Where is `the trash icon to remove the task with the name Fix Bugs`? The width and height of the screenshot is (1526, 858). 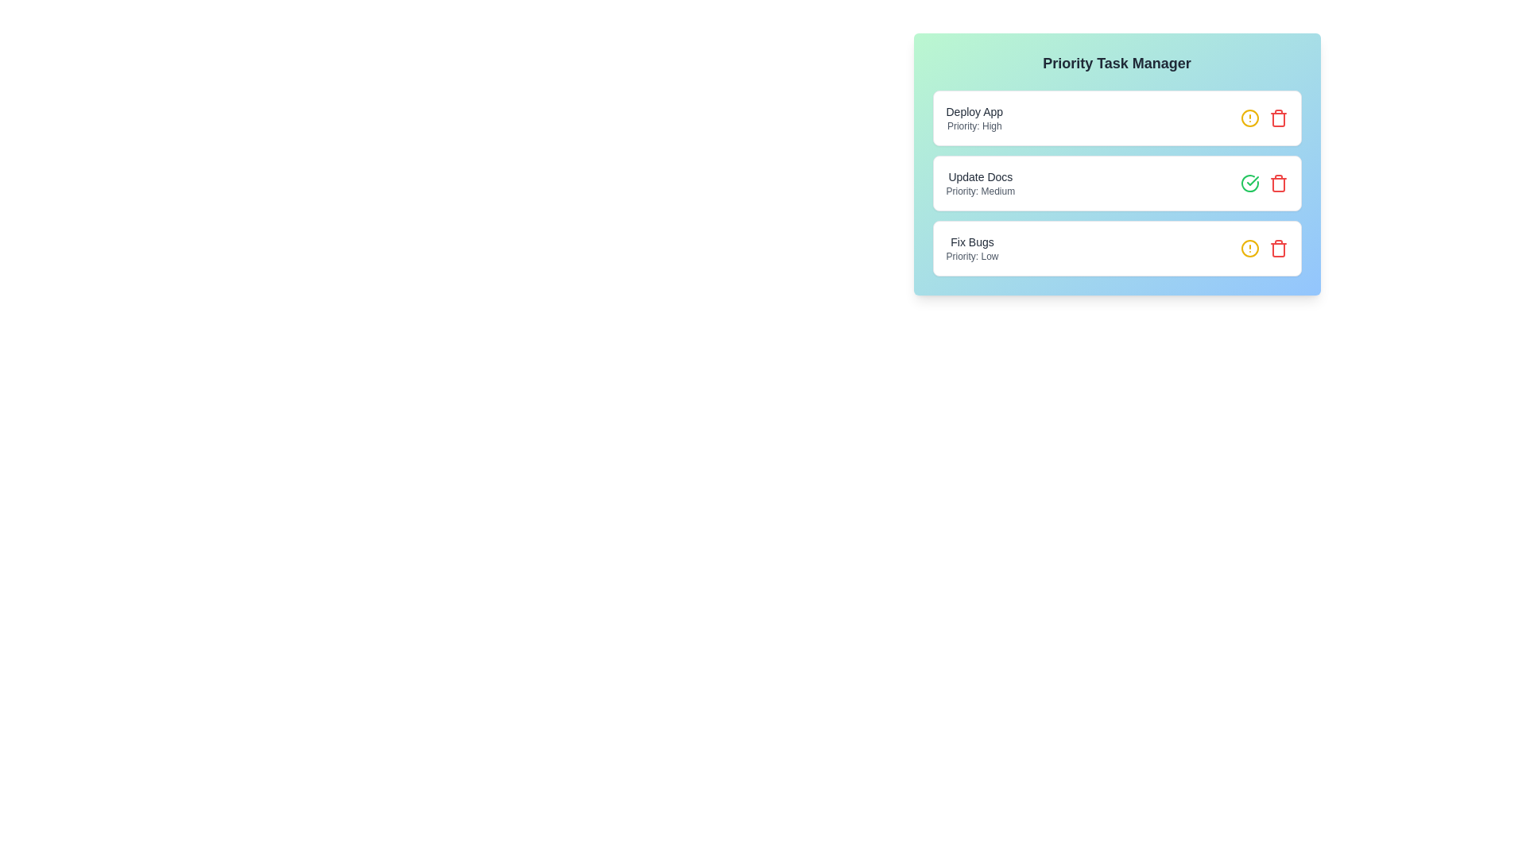
the trash icon to remove the task with the name Fix Bugs is located at coordinates (1278, 248).